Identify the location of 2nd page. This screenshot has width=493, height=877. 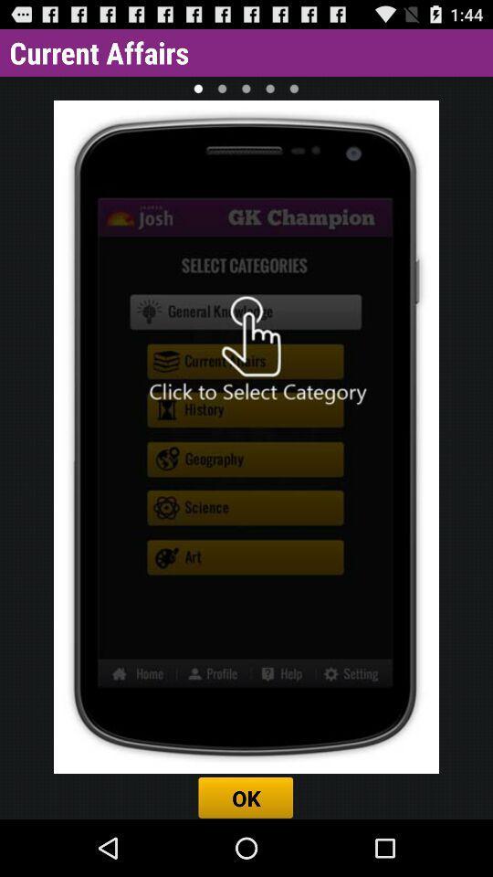
(222, 88).